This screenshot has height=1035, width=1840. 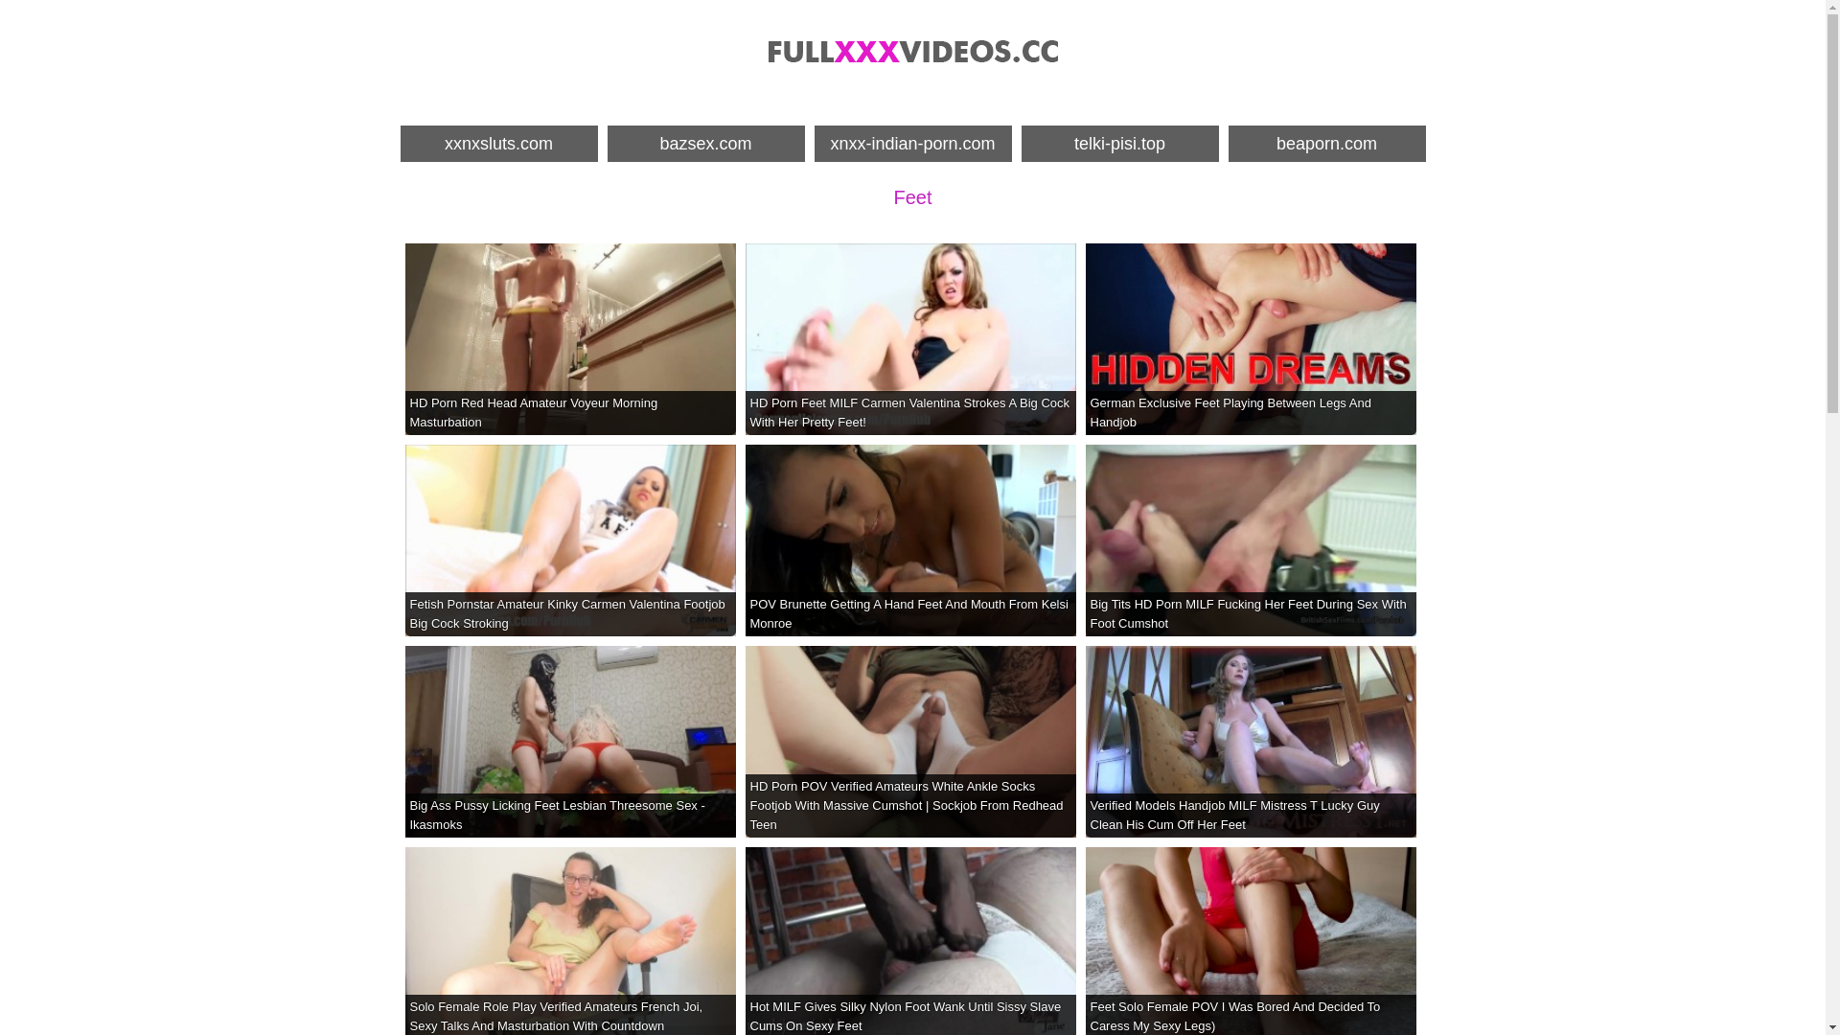 I want to click on 'bazsex.com', so click(x=705, y=143).